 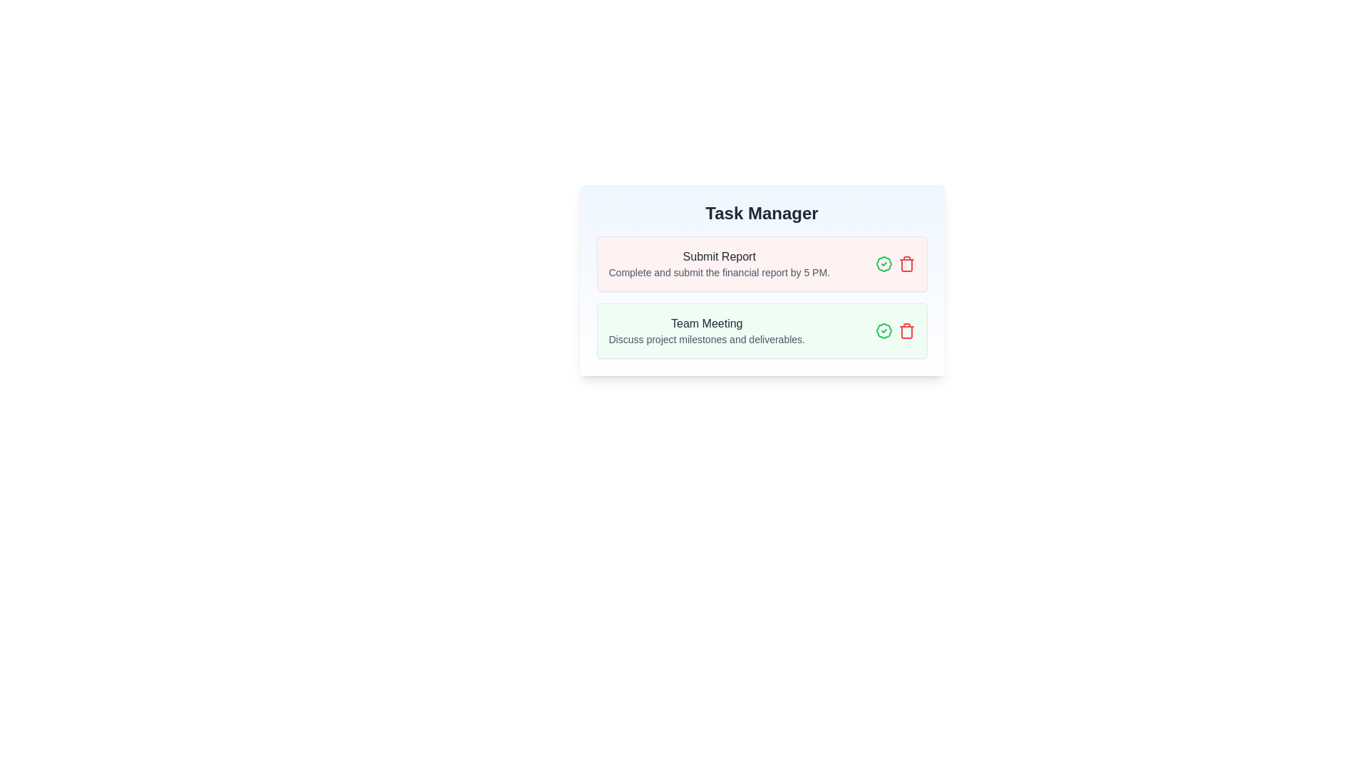 I want to click on task details displayed in the text block located in the upper card of the task list interface, which contains a header and a descriptive paragraph, so click(x=719, y=263).